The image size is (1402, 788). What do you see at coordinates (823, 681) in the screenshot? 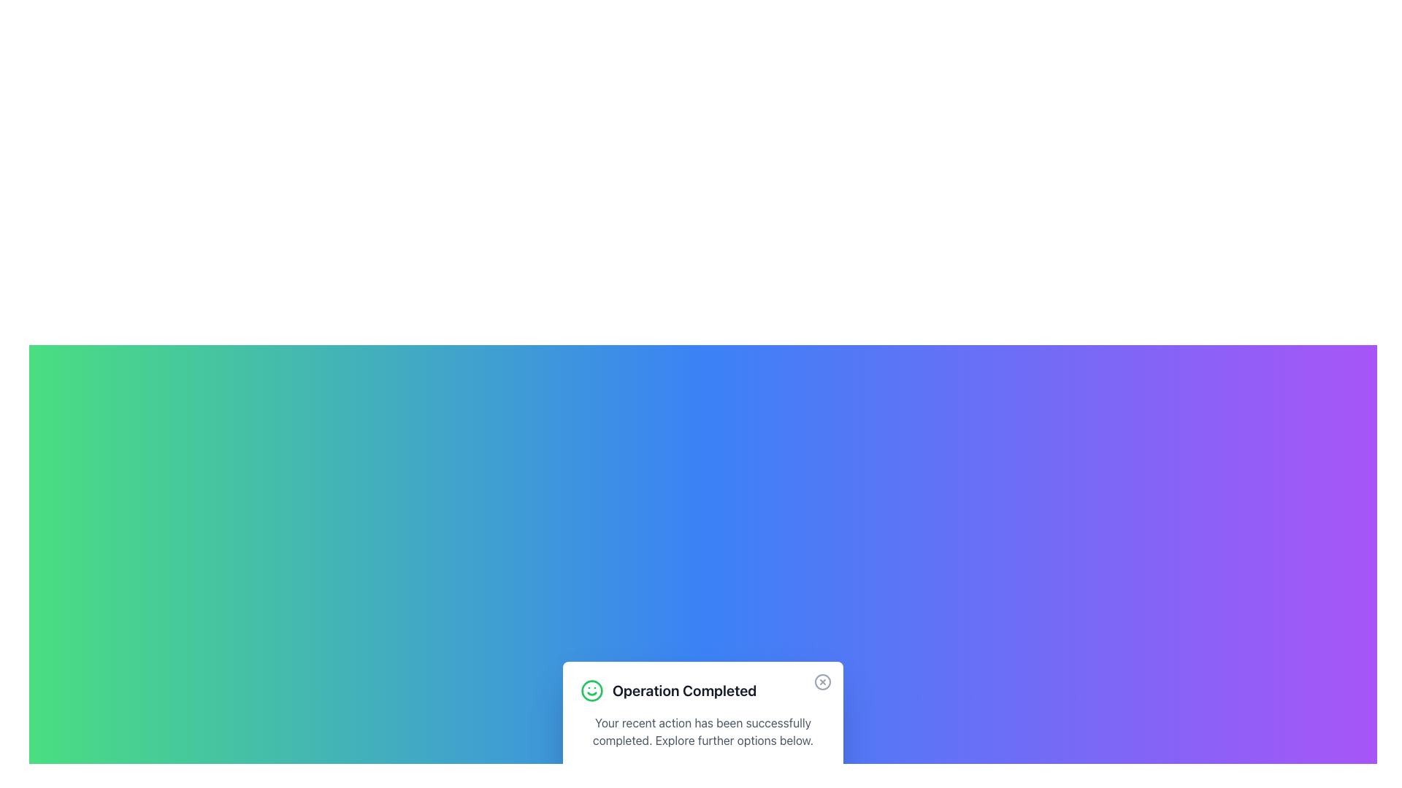
I see `the hollow circle close button icon located at the top-right corner of the notification card, which is part of an SVG graphic element` at bounding box center [823, 681].